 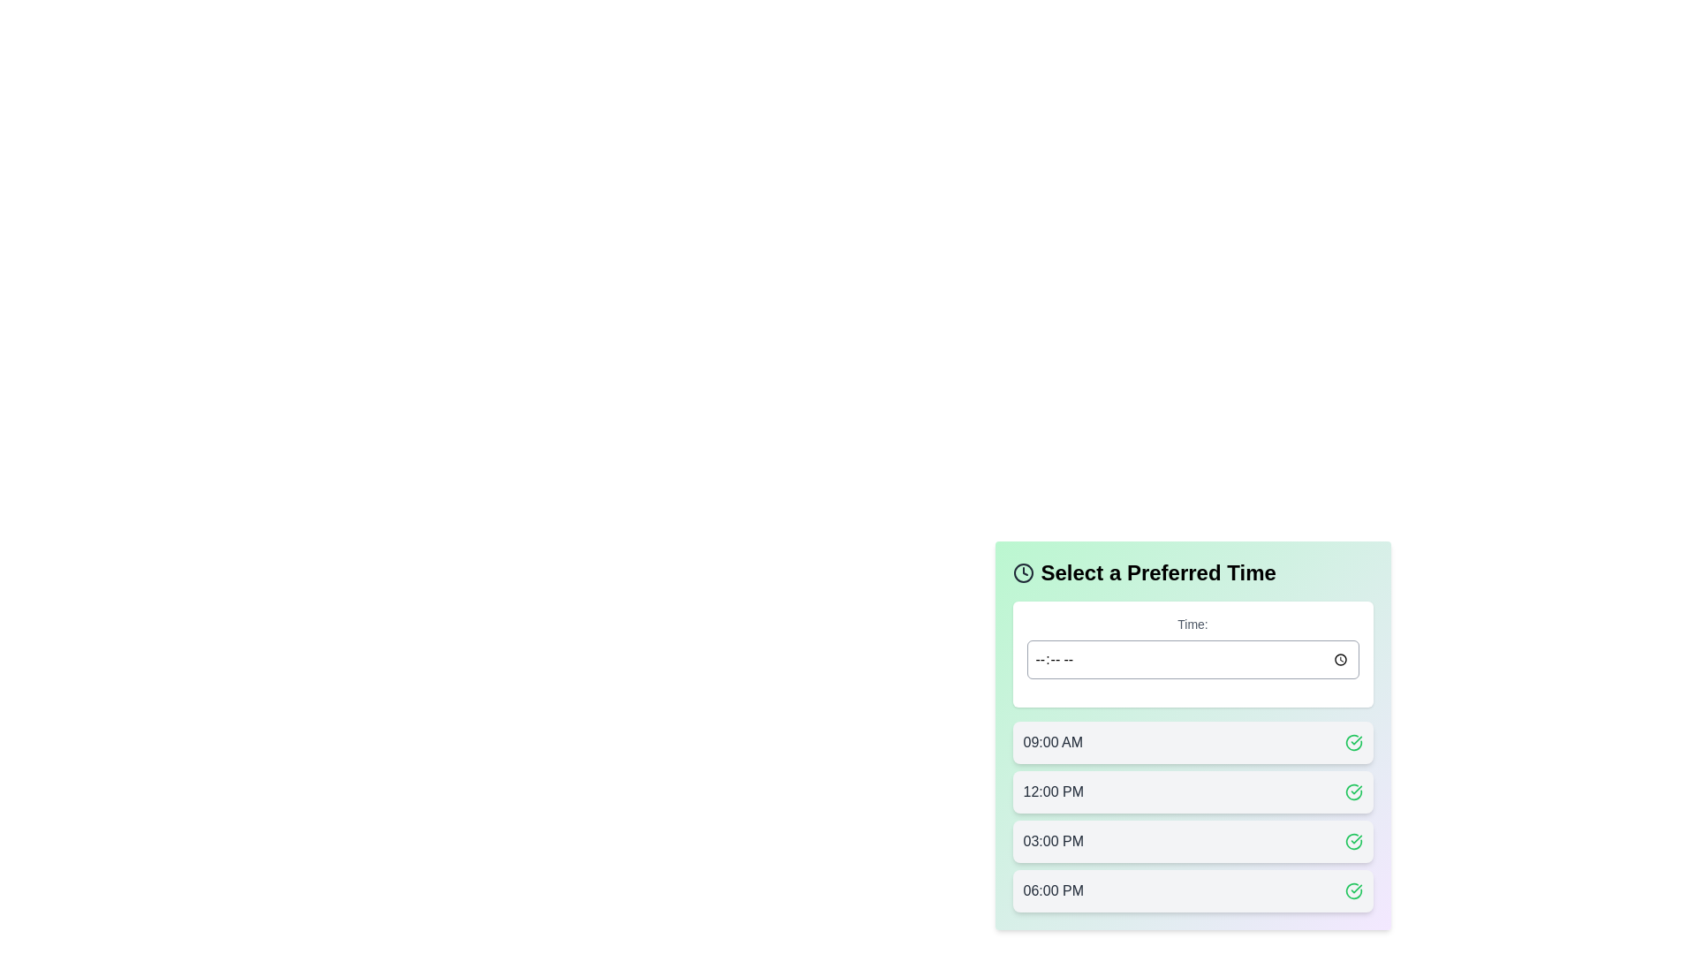 I want to click on the selectable time slot indicating '12:00 PM', which is the second option in the list under 'Select a Preferred Time', so click(x=1192, y=791).